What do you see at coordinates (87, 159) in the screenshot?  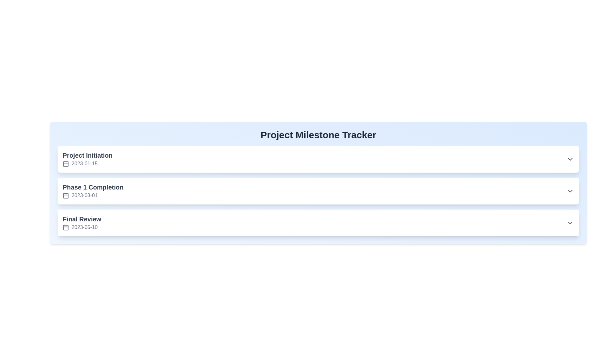 I see `the first milestone display item in the vertical list to interact with it` at bounding box center [87, 159].